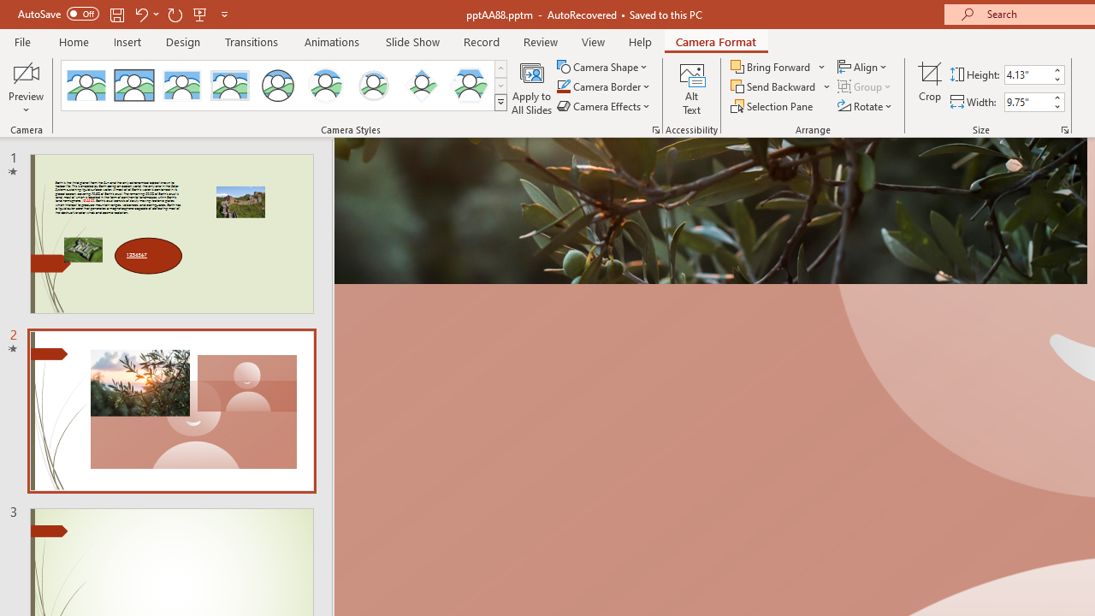  What do you see at coordinates (604, 86) in the screenshot?
I see `'Camera Border'` at bounding box center [604, 86].